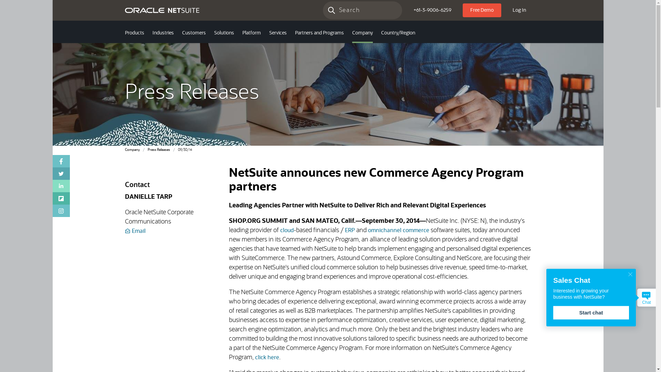 Image resolution: width=661 pixels, height=372 pixels. What do you see at coordinates (162, 33) in the screenshot?
I see `'Industries'` at bounding box center [162, 33].